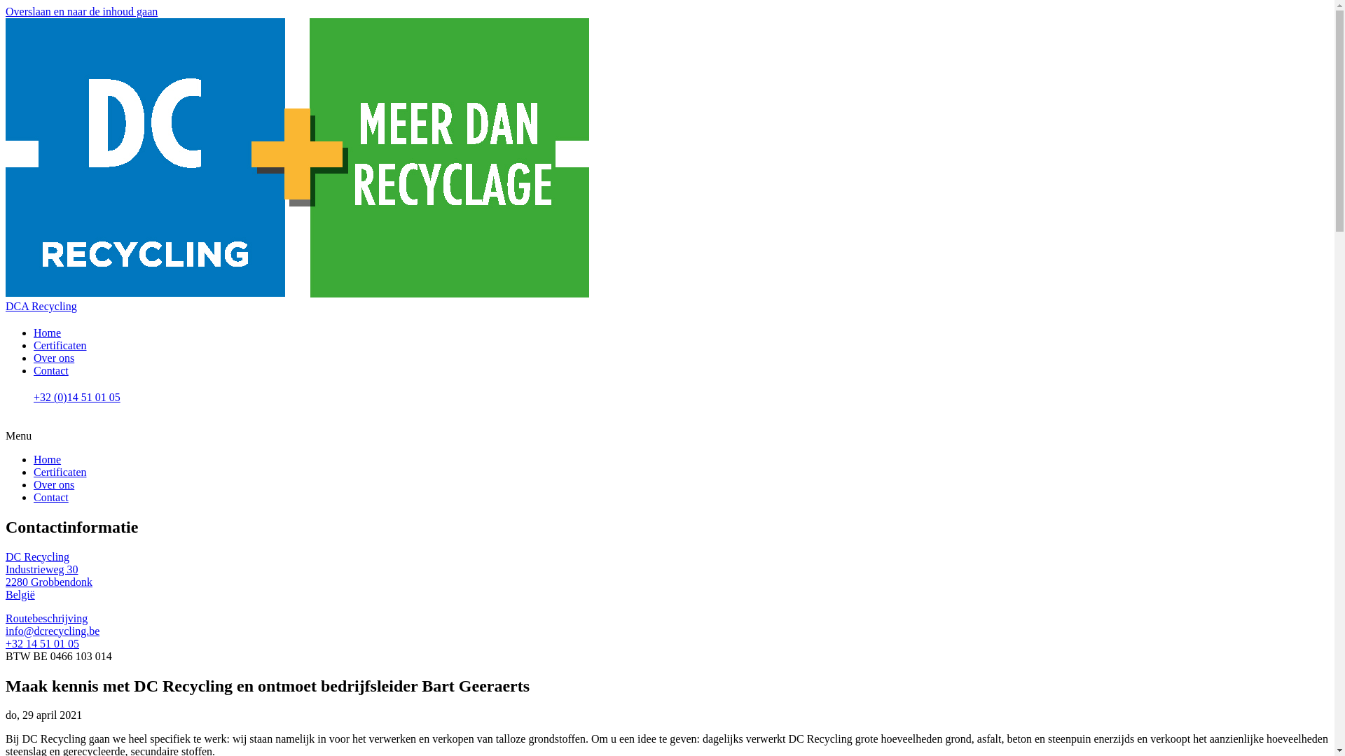  I want to click on 'Certificaten', so click(60, 345).